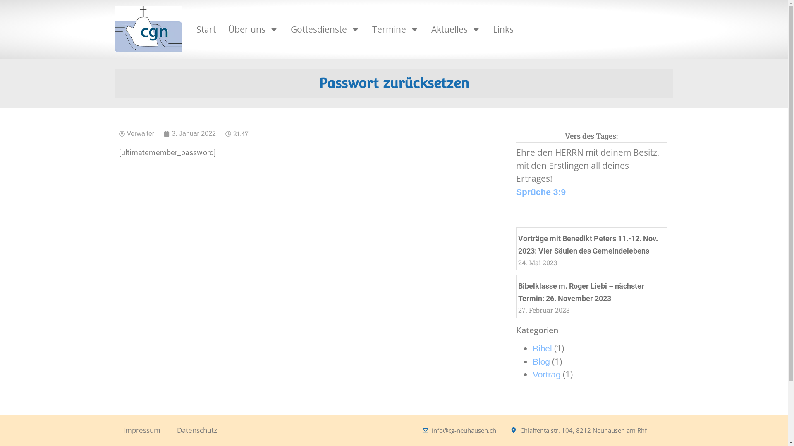 The height and width of the screenshot is (446, 794). I want to click on 'Verwalter', so click(137, 133).